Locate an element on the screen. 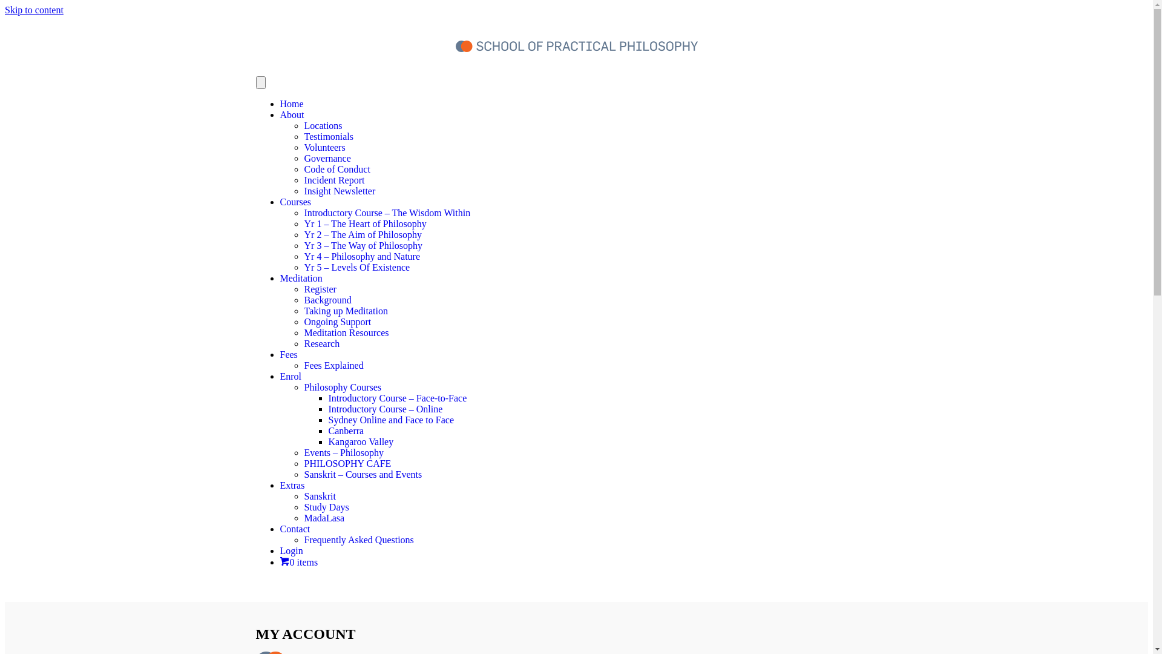 The width and height of the screenshot is (1162, 654). 'PHILOSOPHY CAFE' is located at coordinates (347, 463).